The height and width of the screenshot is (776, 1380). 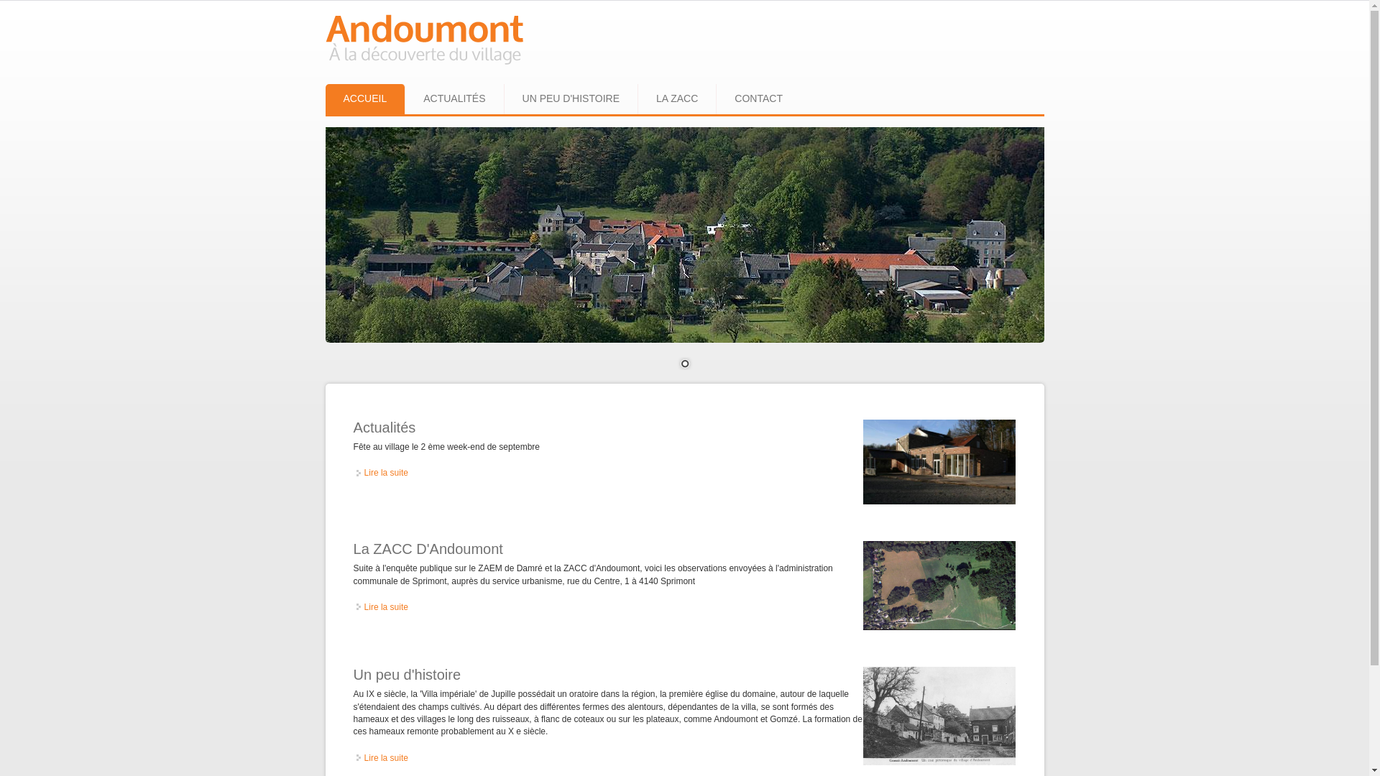 I want to click on 'Accueil', so click(x=423, y=66).